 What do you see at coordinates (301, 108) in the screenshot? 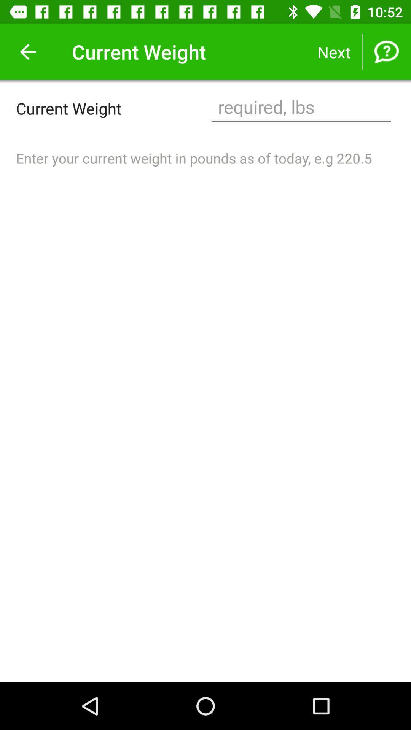
I see `current weight` at bounding box center [301, 108].